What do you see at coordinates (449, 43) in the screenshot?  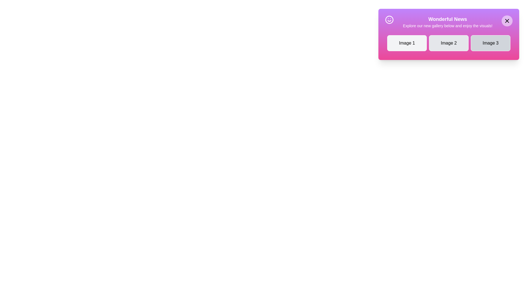 I see `the gallery item labeled Image 2` at bounding box center [449, 43].